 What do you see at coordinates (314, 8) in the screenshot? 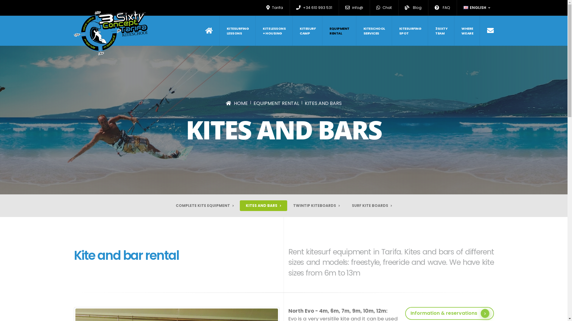
I see `'+34 610 993 531'` at bounding box center [314, 8].